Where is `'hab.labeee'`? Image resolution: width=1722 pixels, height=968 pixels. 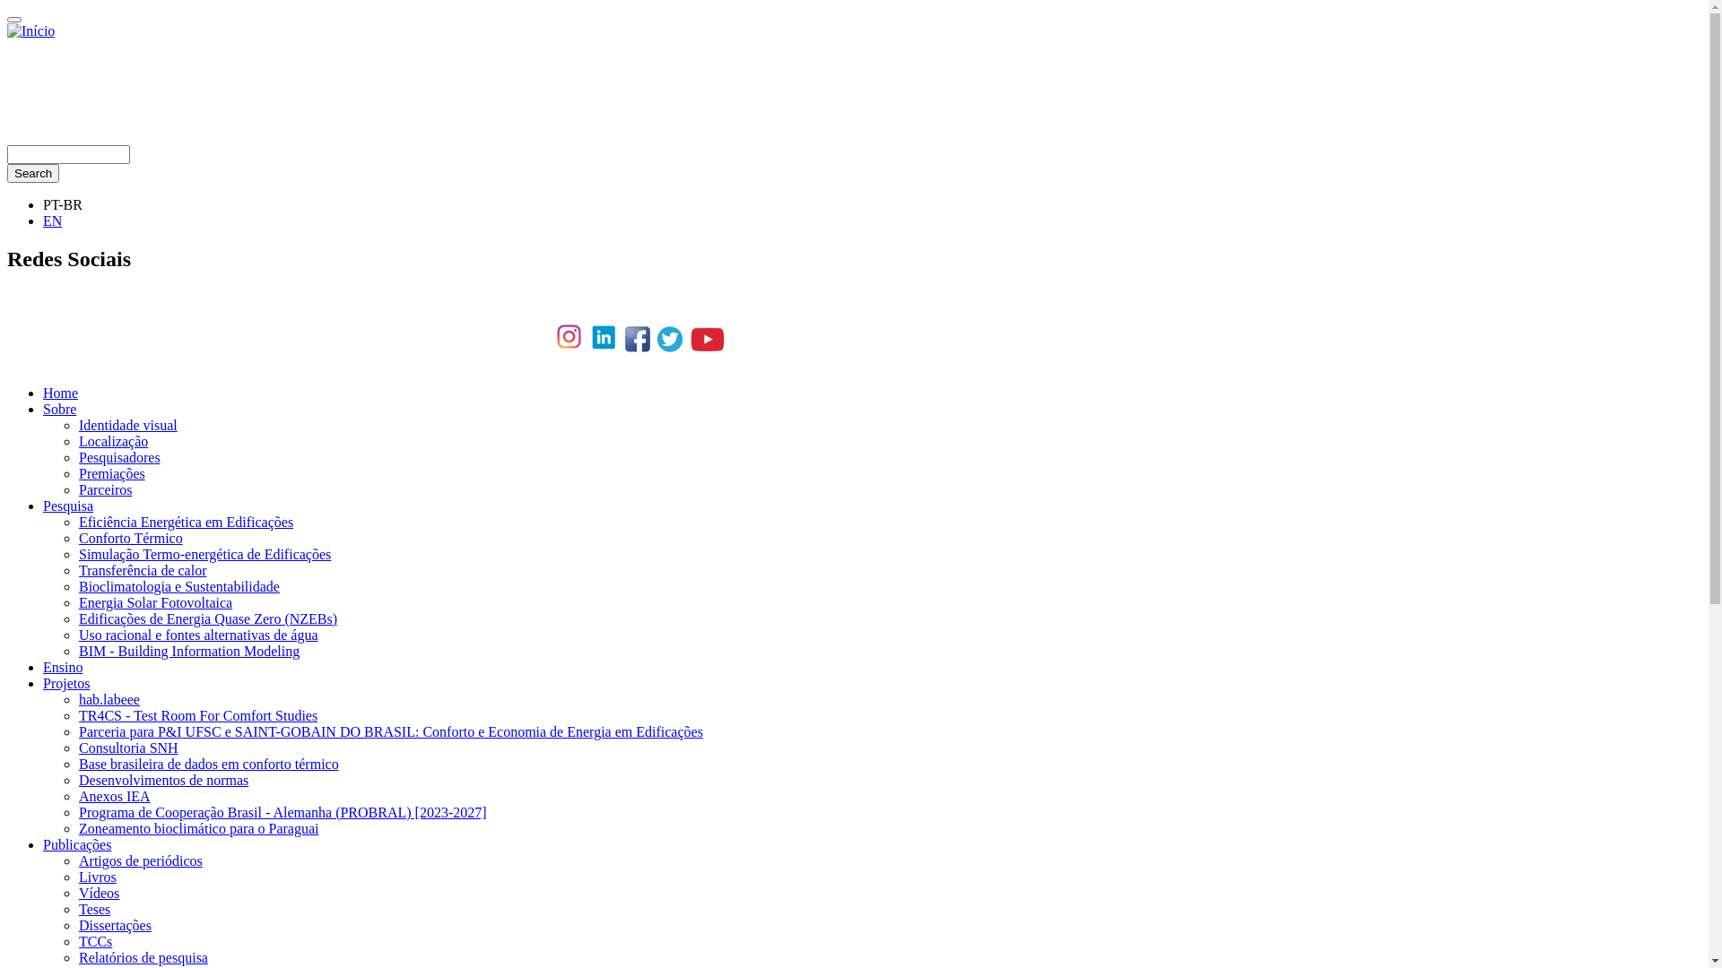
'hab.labeee' is located at coordinates (108, 698).